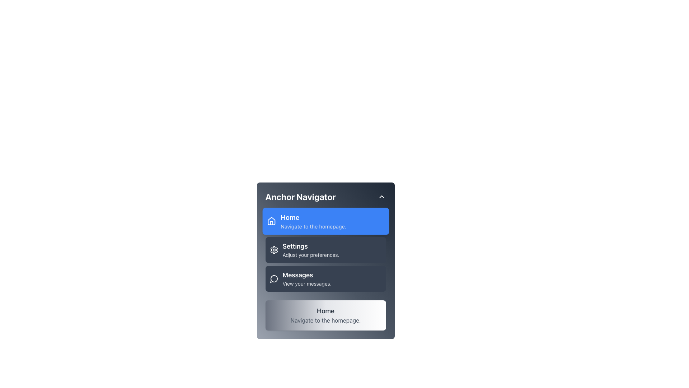 This screenshot has width=689, height=388. Describe the element at coordinates (273, 249) in the screenshot. I see `the gear-like settings icon located in the middle section of the interface` at that location.